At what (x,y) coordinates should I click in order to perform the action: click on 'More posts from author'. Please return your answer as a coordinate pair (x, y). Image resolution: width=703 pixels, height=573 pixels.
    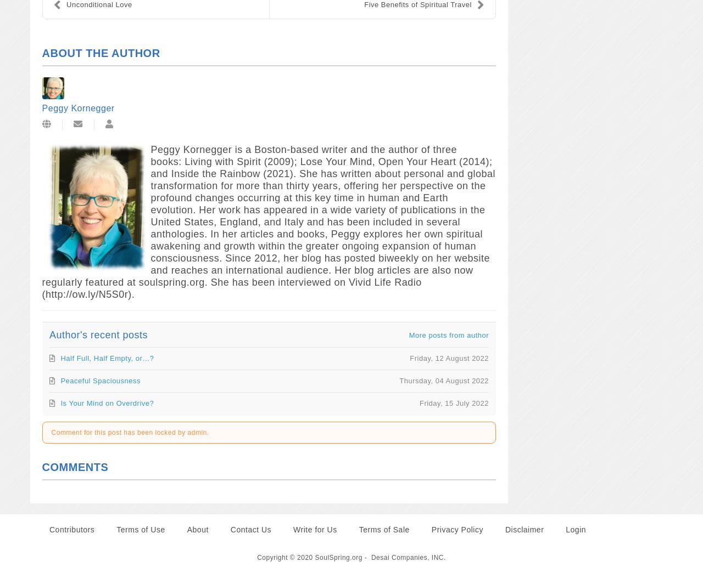
    Looking at the image, I should click on (449, 334).